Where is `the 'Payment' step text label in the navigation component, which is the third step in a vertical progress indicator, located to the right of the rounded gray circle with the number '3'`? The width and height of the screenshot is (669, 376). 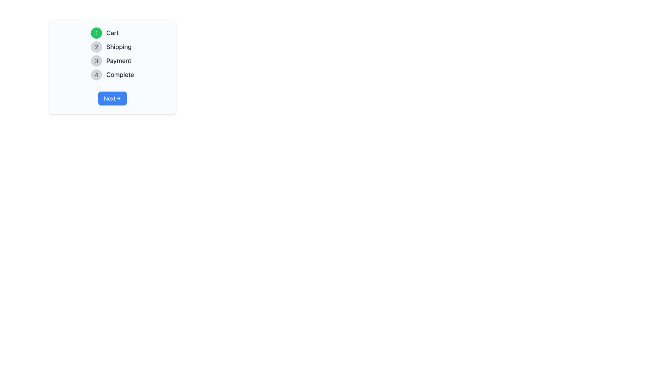 the 'Payment' step text label in the navigation component, which is the third step in a vertical progress indicator, located to the right of the rounded gray circle with the number '3' is located at coordinates (119, 60).